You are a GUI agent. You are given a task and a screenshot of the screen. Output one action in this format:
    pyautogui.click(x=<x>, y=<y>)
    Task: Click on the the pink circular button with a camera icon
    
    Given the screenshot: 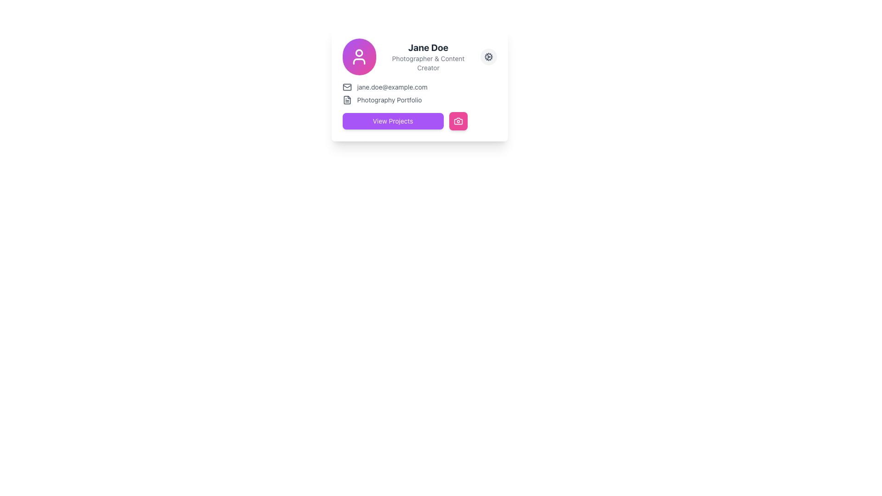 What is the action you would take?
    pyautogui.click(x=458, y=120)
    